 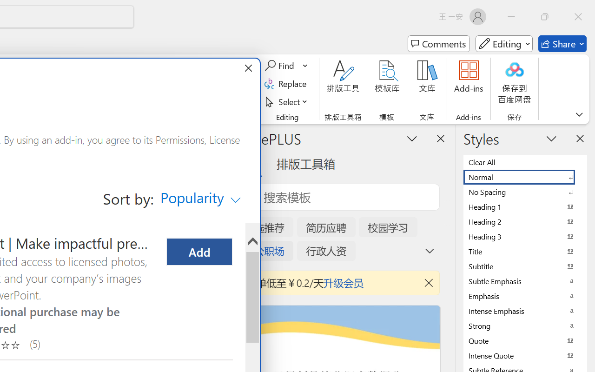 What do you see at coordinates (438, 44) in the screenshot?
I see `'Comments'` at bounding box center [438, 44].